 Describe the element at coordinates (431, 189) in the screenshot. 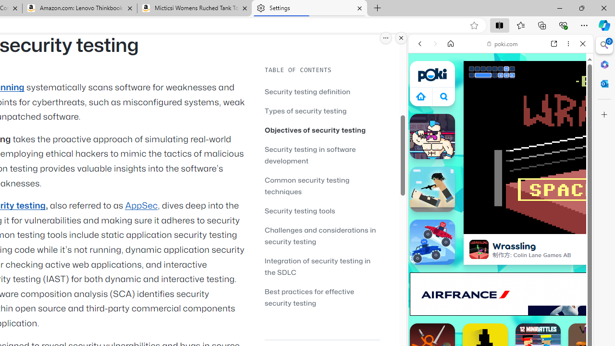

I see `'Rooftop Snipers'` at that location.